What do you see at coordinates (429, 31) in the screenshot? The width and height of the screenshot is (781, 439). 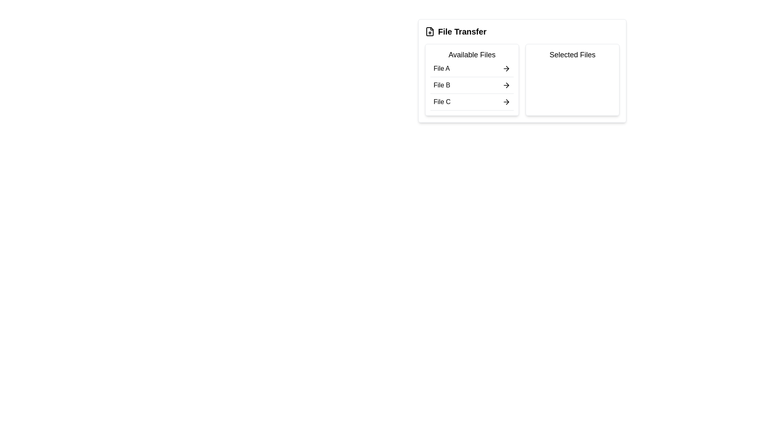 I see `the upper inner portion of the document icon, which is part of the SVG element in the 'File Transfer' UI card` at bounding box center [429, 31].